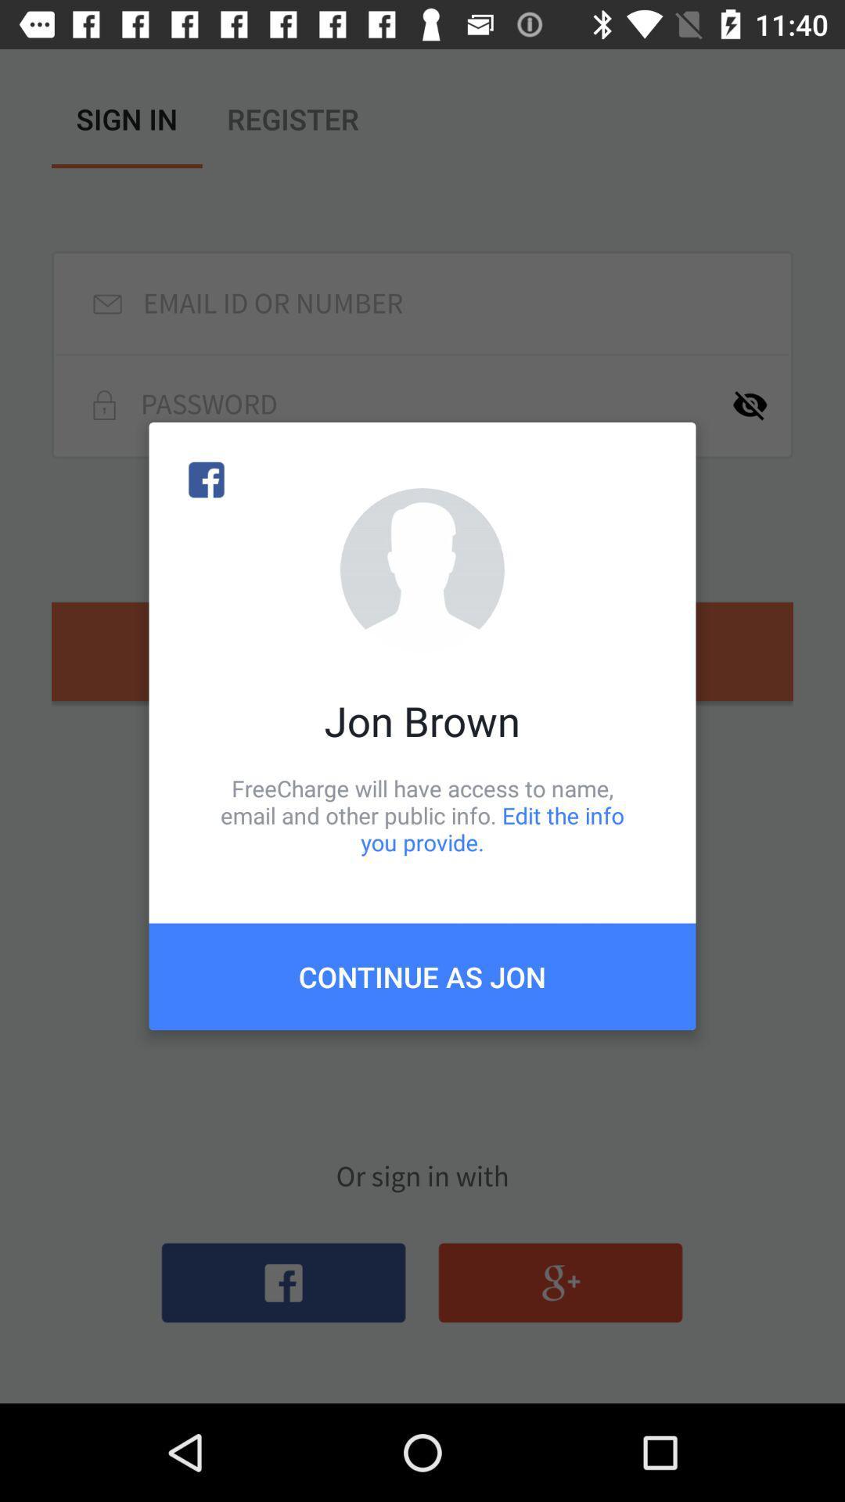  I want to click on continue as jon, so click(422, 976).